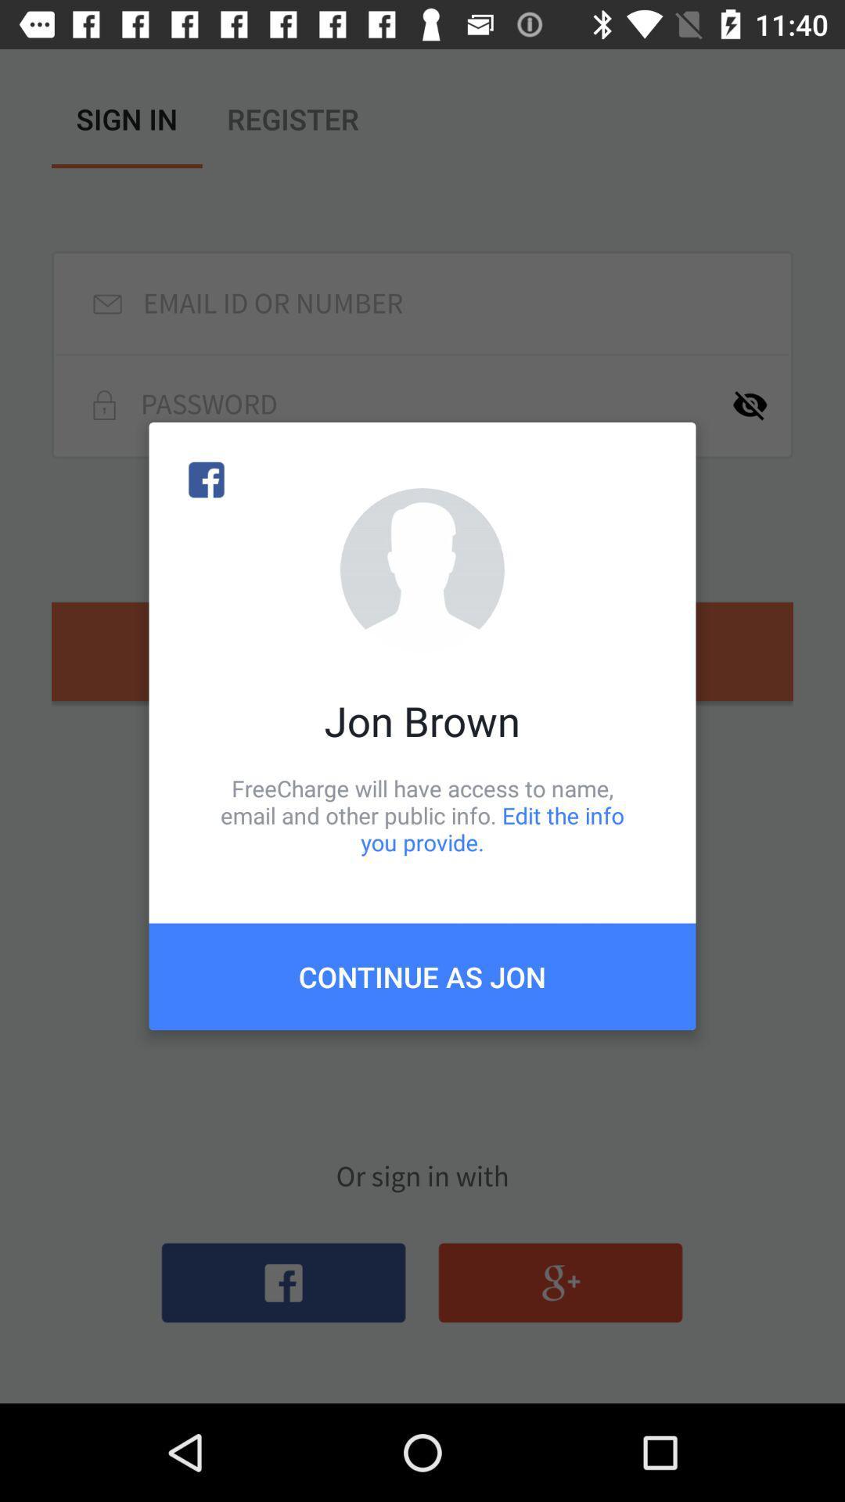  I want to click on continue as jon, so click(422, 976).